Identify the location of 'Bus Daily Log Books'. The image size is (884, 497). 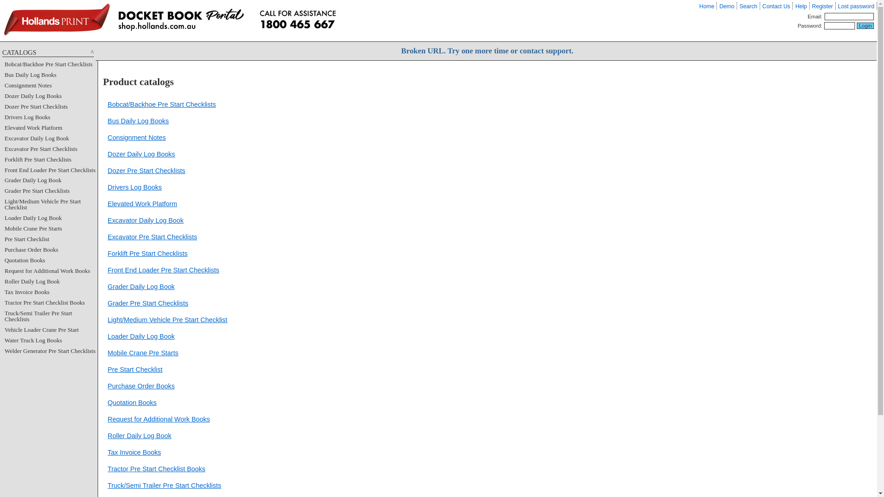
(108, 120).